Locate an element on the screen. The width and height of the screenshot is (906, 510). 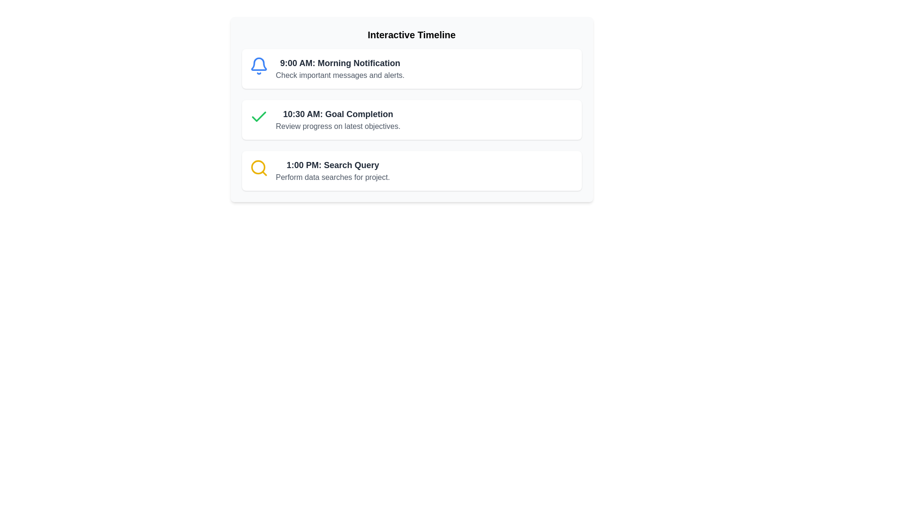
the bell icon that signifies a notification related to the 'Morning Notification' activity in the Interactive Timeline is located at coordinates (259, 64).